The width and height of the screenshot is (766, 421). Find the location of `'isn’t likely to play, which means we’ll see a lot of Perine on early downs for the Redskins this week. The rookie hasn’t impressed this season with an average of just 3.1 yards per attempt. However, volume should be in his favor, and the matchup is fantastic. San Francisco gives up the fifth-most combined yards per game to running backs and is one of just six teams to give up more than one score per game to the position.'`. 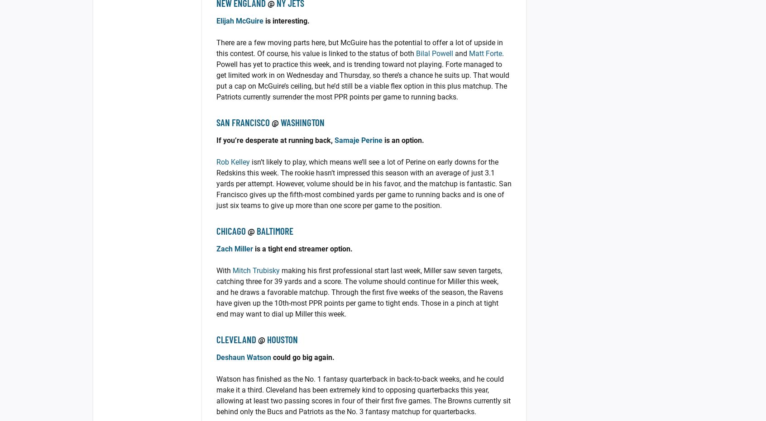

'isn’t likely to play, which means we’ll see a lot of Perine on early downs for the Redskins this week. The rookie hasn’t impressed this season with an average of just 3.1 yards per attempt. However, volume should be in his favor, and the matchup is fantastic. San Francisco gives up the fifth-most combined yards per game to running backs and is one of just six teams to give up more than one score per game to the position.' is located at coordinates (364, 183).